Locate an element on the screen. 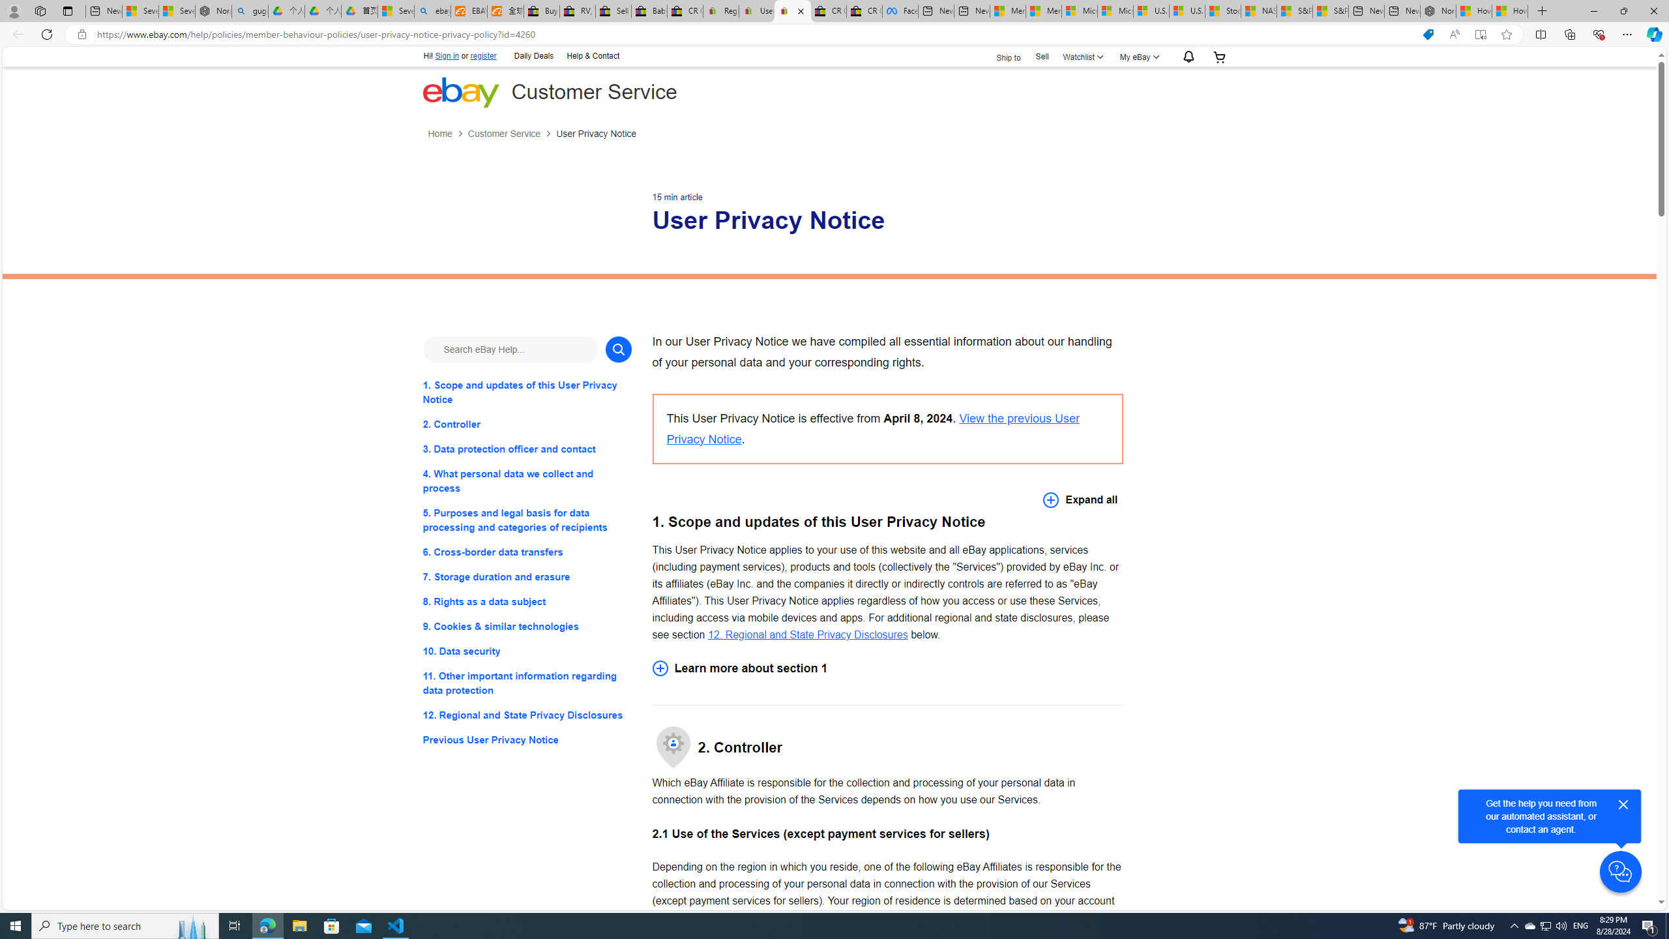  '2. Controller' is located at coordinates (526, 424).